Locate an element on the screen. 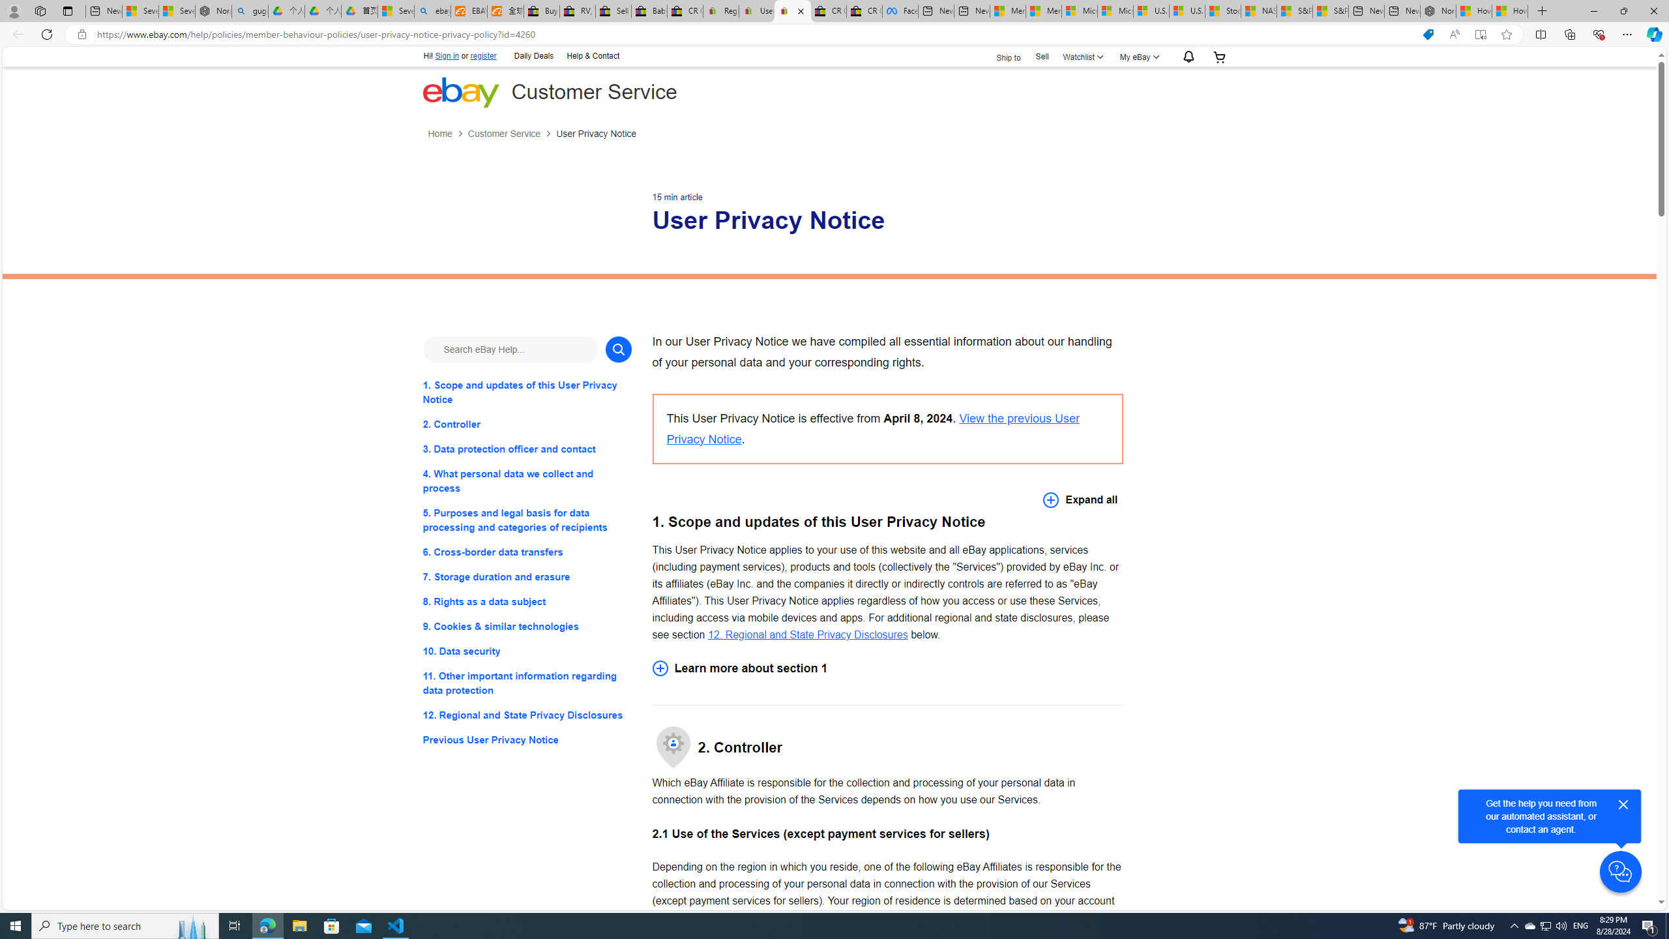  '2. Controller' is located at coordinates (526, 424).